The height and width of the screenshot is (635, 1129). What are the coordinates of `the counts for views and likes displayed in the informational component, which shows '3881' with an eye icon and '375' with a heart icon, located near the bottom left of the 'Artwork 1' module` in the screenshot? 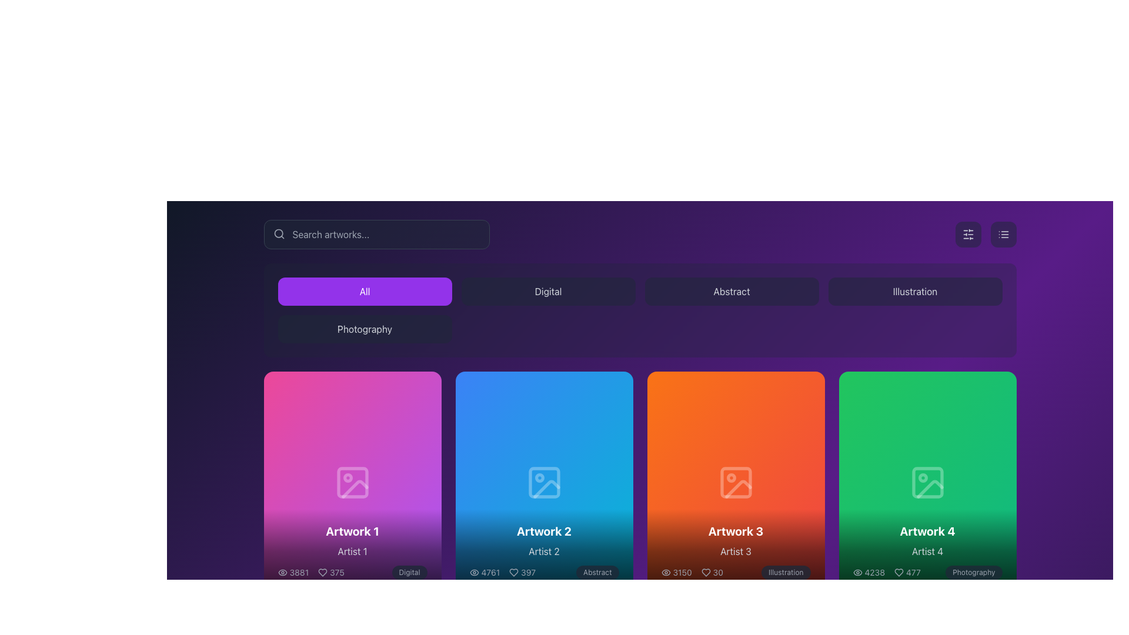 It's located at (311, 571).